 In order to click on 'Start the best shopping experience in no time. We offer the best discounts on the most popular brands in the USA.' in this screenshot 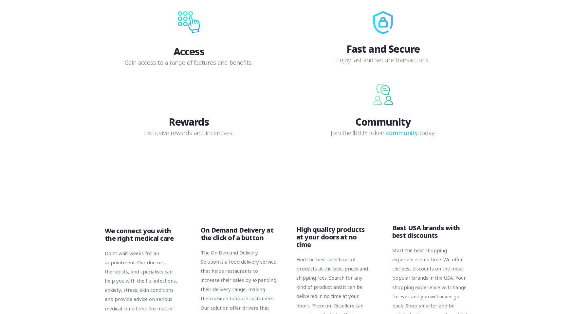, I will do `click(427, 264)`.